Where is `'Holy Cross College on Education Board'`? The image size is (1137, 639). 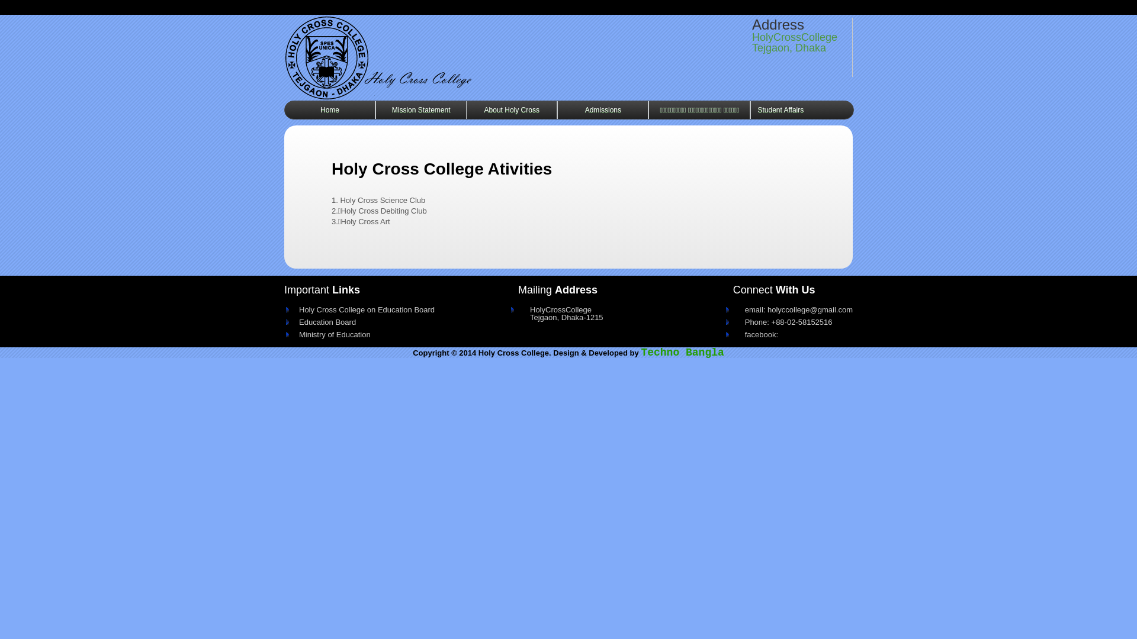 'Holy Cross College on Education Board' is located at coordinates (293, 306).